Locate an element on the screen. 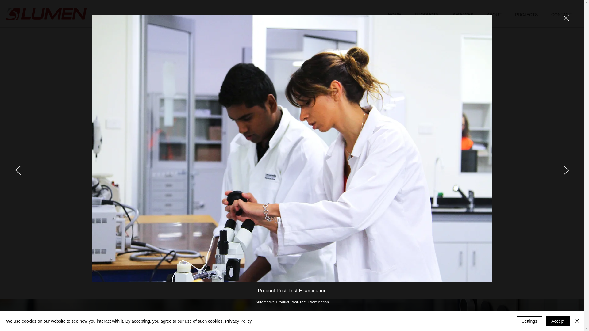 The height and width of the screenshot is (331, 589). 'HOME' is located at coordinates (394, 14).